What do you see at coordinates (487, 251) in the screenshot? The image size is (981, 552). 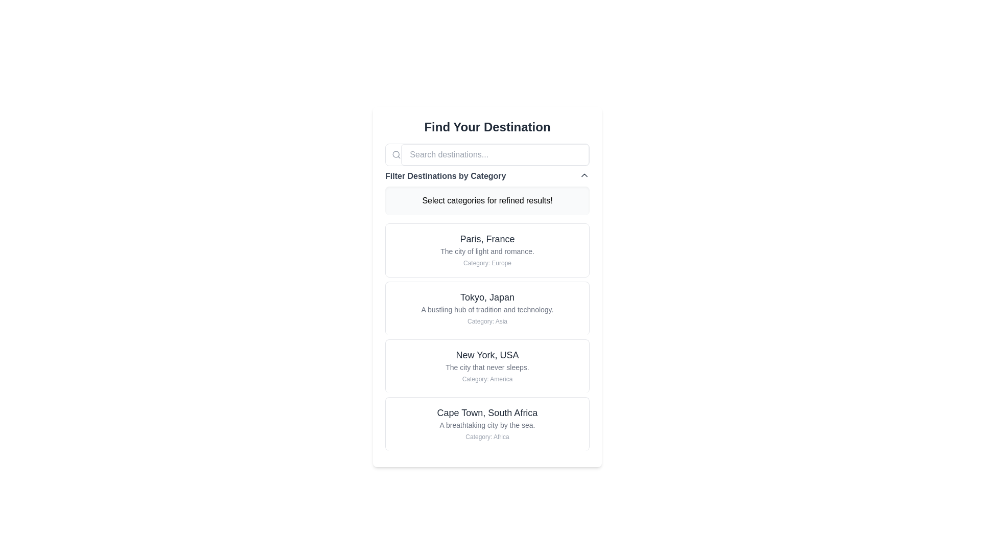 I see `the descriptive text element located below the title 'Paris, France' and above the smaller text segment labeled 'Category: Europe'` at bounding box center [487, 251].